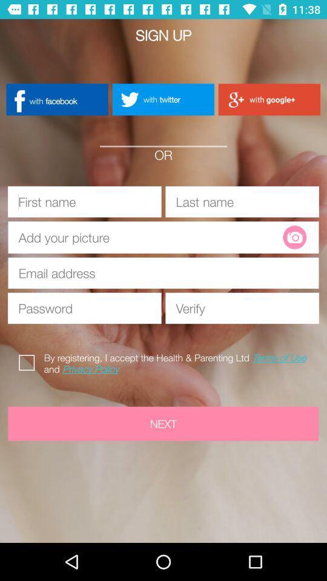  I want to click on item below the sign up app, so click(163, 99).